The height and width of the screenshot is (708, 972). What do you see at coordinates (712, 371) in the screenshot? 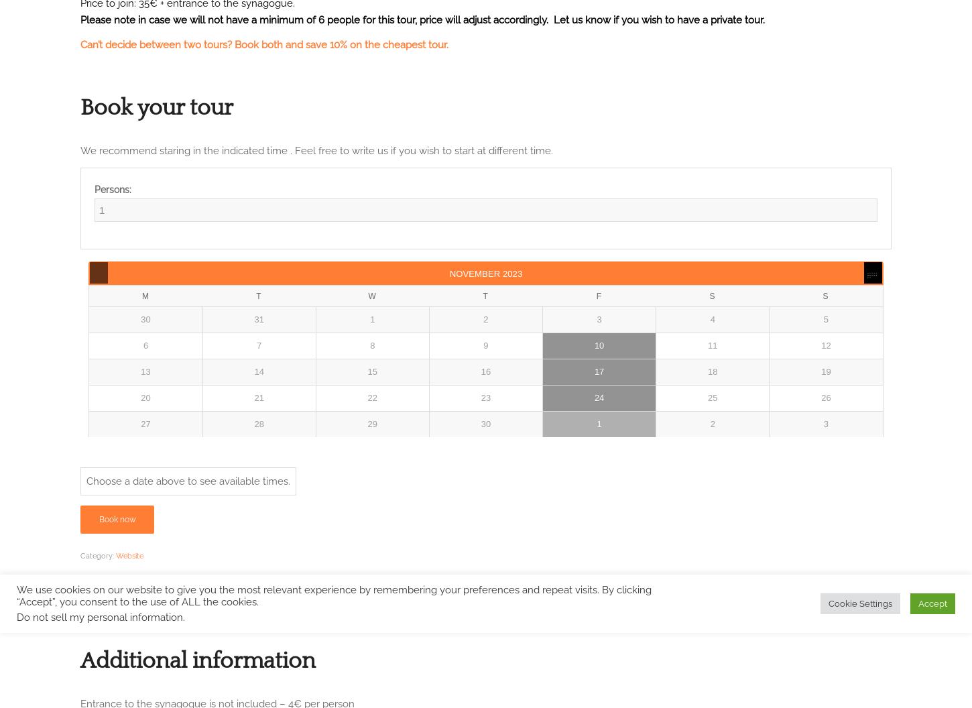
I see `'18'` at bounding box center [712, 371].